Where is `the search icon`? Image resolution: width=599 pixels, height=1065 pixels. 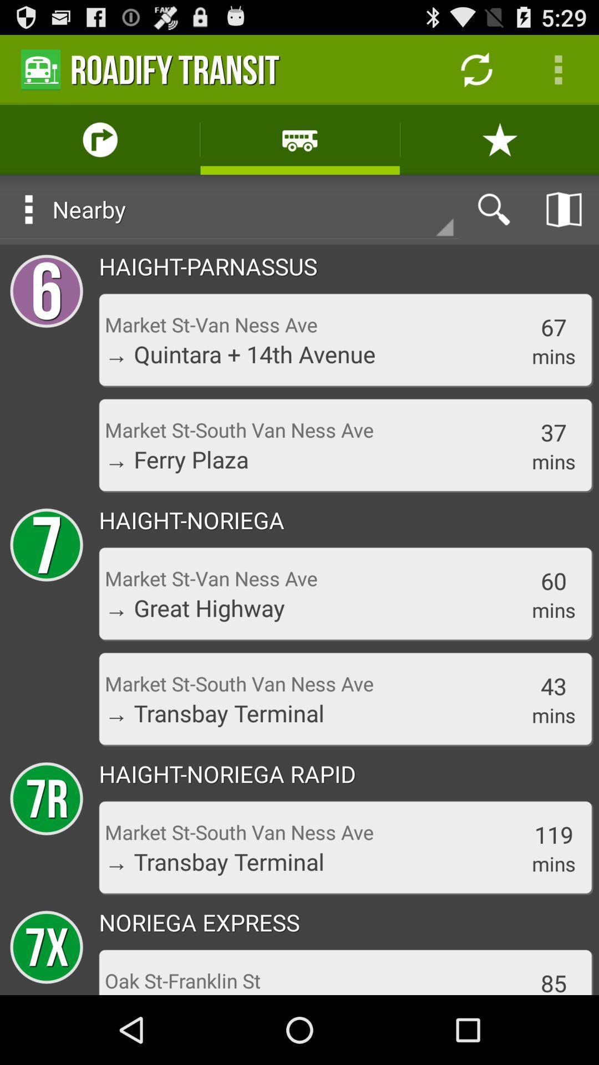
the search icon is located at coordinates (494, 224).